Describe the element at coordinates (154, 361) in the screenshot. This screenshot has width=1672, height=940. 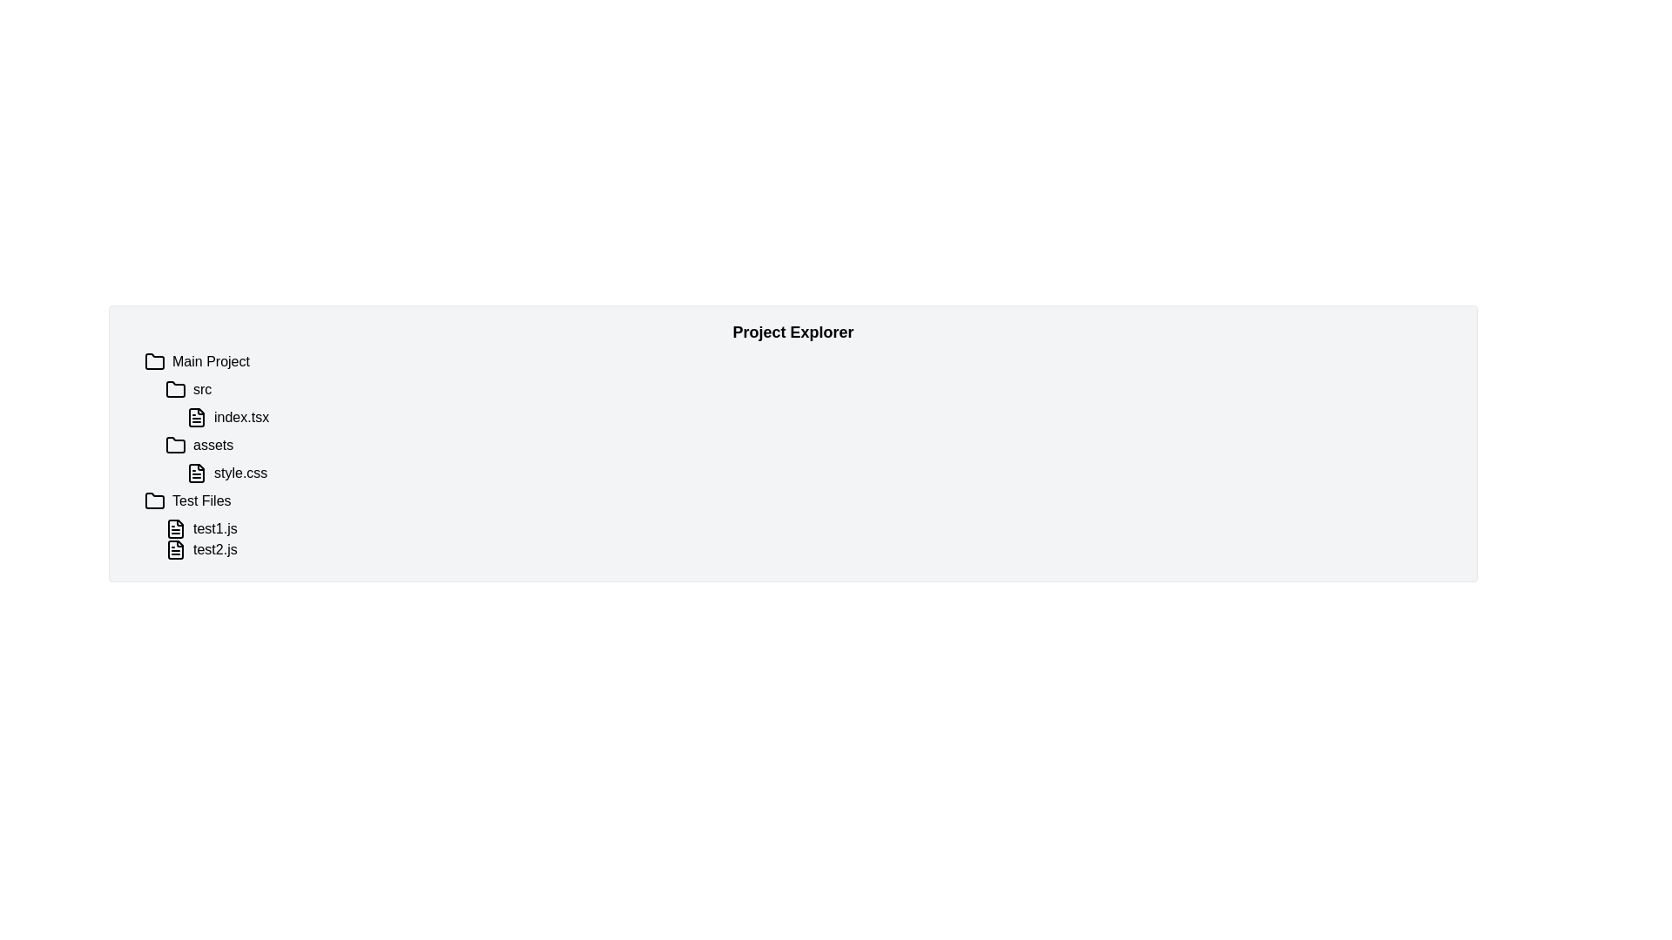
I see `the folder icon with a black stroke that precedes the 'Main Project' text label in the user interface` at that location.